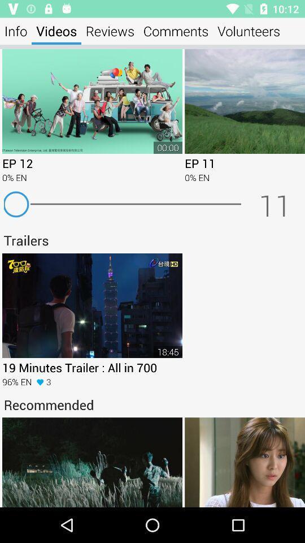 This screenshot has height=543, width=305. Describe the element at coordinates (110, 31) in the screenshot. I see `item next to the comments app` at that location.